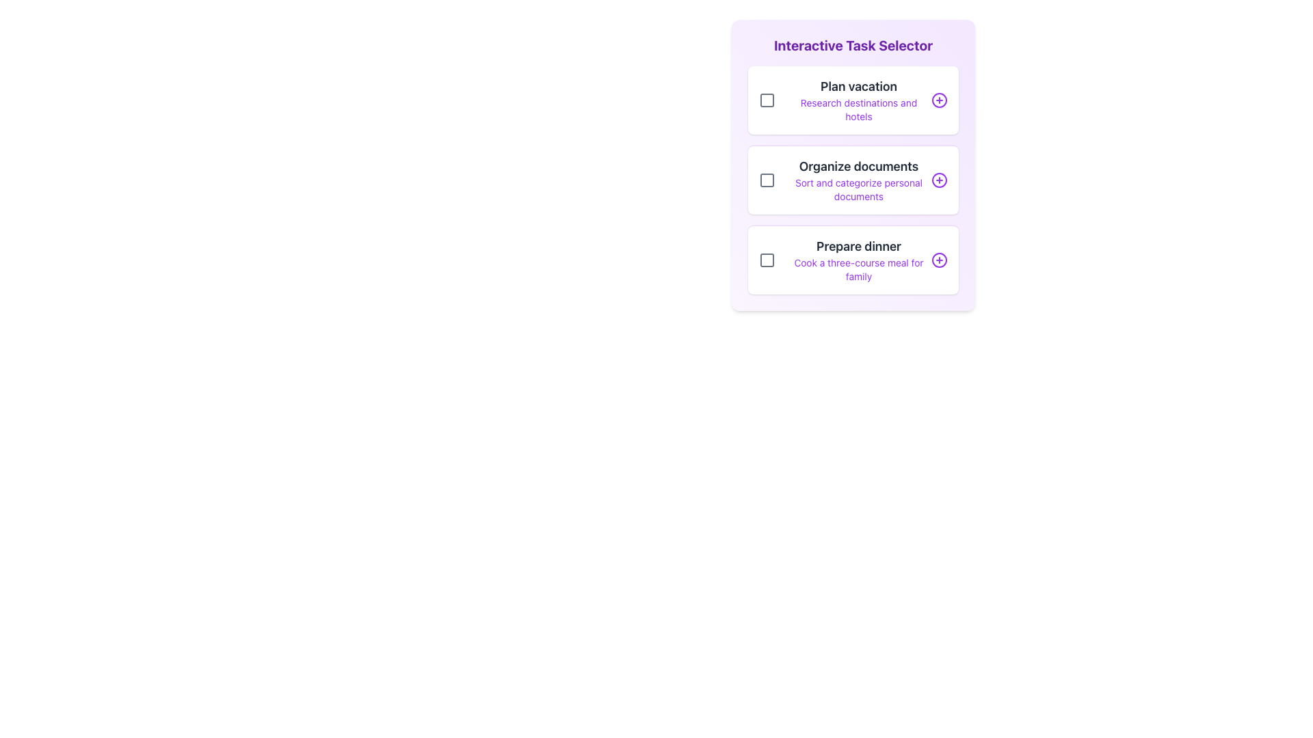  I want to click on the checkbox in the third task card titled 'Prepare dinner', so click(767, 260).